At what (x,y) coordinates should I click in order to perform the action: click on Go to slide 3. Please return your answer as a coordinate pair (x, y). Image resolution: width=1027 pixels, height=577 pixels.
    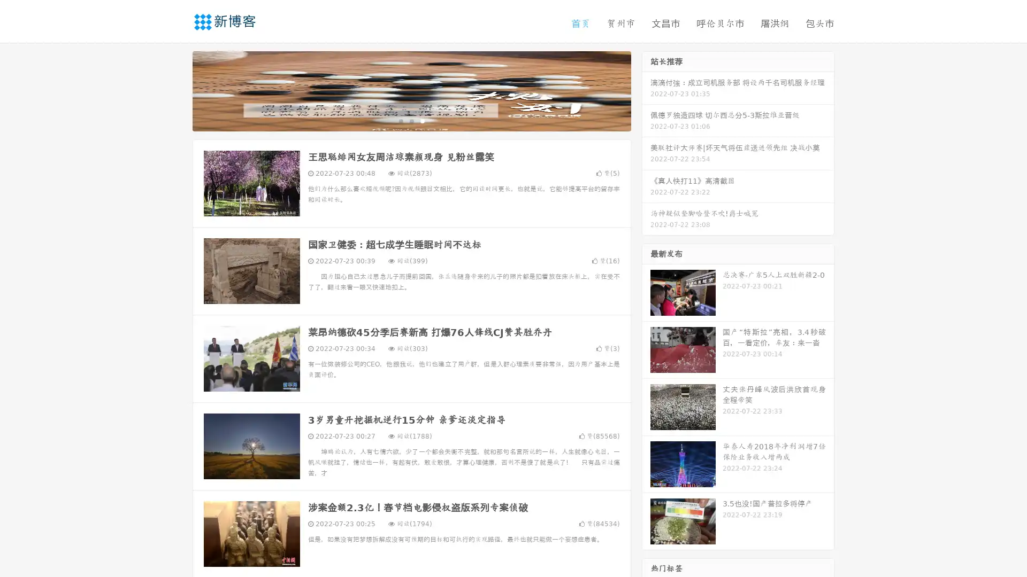
    Looking at the image, I should click on (422, 120).